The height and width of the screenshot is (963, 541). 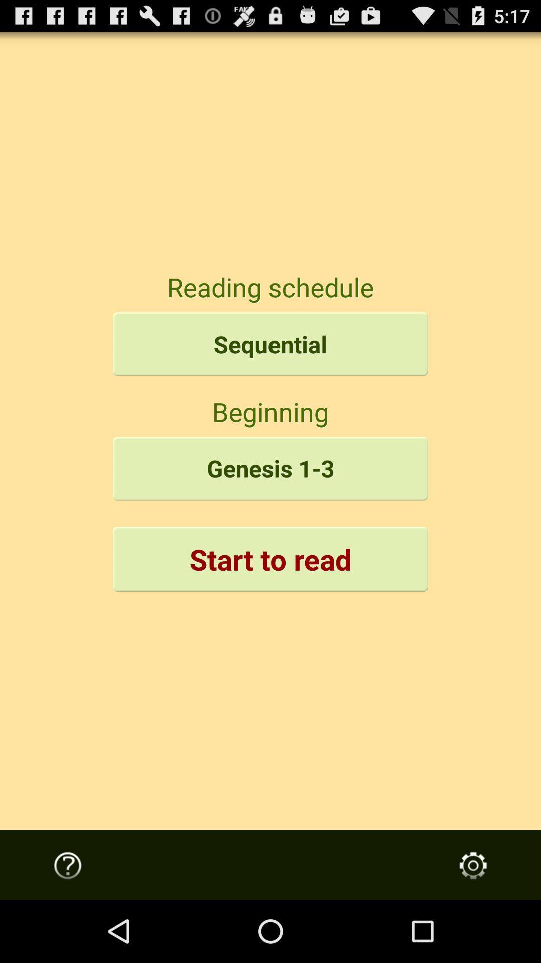 What do you see at coordinates (68, 865) in the screenshot?
I see `the icon at the bottom left corner` at bounding box center [68, 865].